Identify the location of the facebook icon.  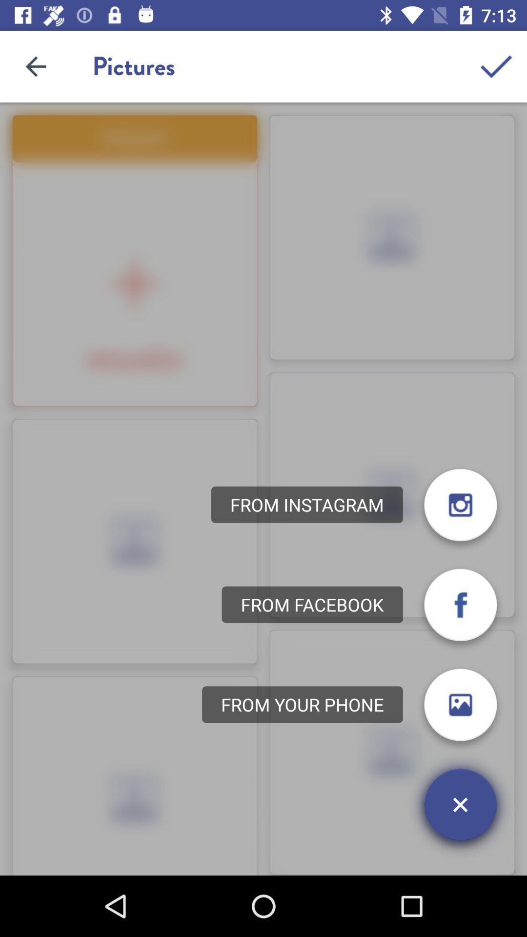
(460, 608).